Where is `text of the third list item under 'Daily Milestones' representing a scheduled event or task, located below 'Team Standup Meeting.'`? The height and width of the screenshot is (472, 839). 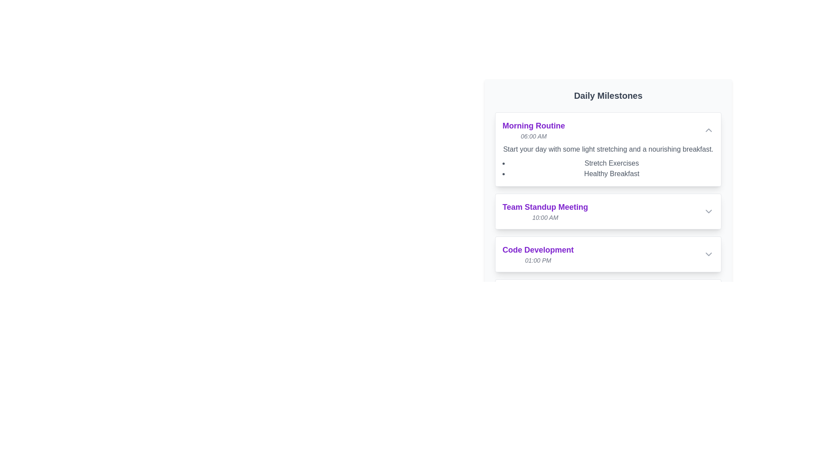
text of the third list item under 'Daily Milestones' representing a scheduled event or task, located below 'Team Standup Meeting.' is located at coordinates (537, 254).